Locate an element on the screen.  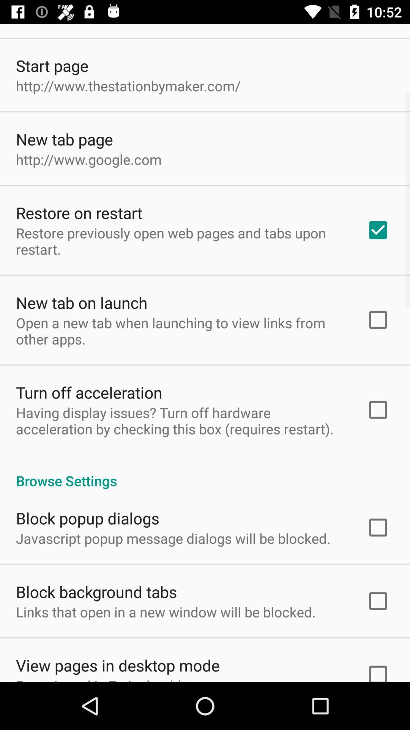
the browse settings is located at coordinates (205, 472).